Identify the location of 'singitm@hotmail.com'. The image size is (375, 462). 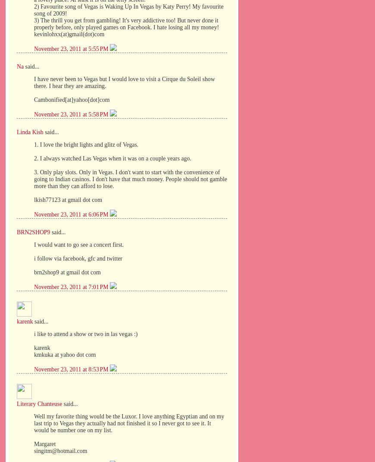
(60, 451).